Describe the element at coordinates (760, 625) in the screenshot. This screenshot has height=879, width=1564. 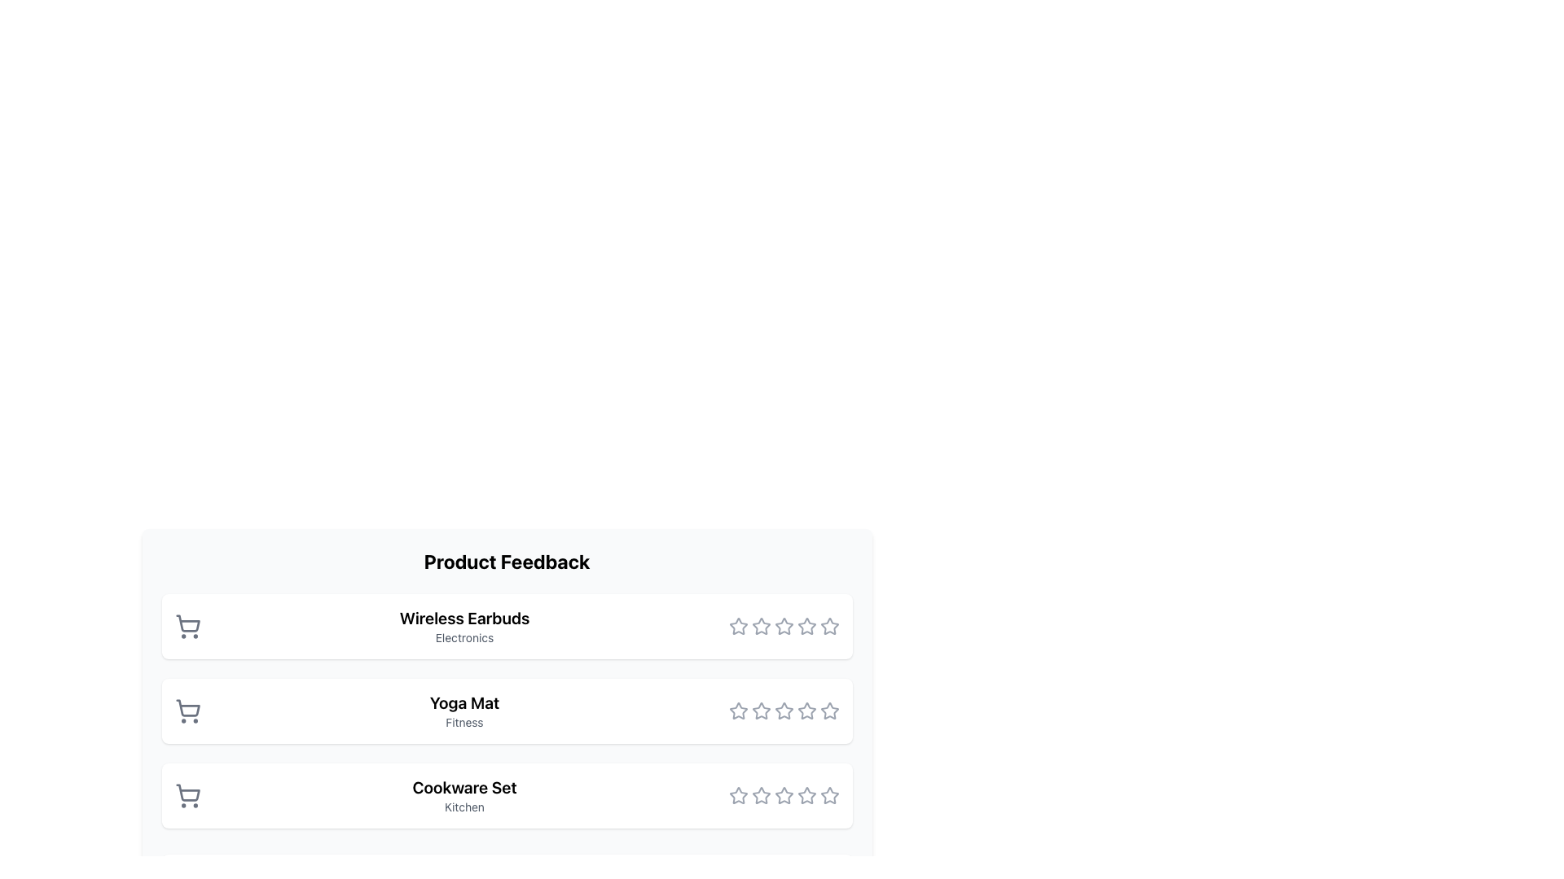
I see `the second star icon in the rating group for the 'Wireless Earbuds' feedback form` at that location.